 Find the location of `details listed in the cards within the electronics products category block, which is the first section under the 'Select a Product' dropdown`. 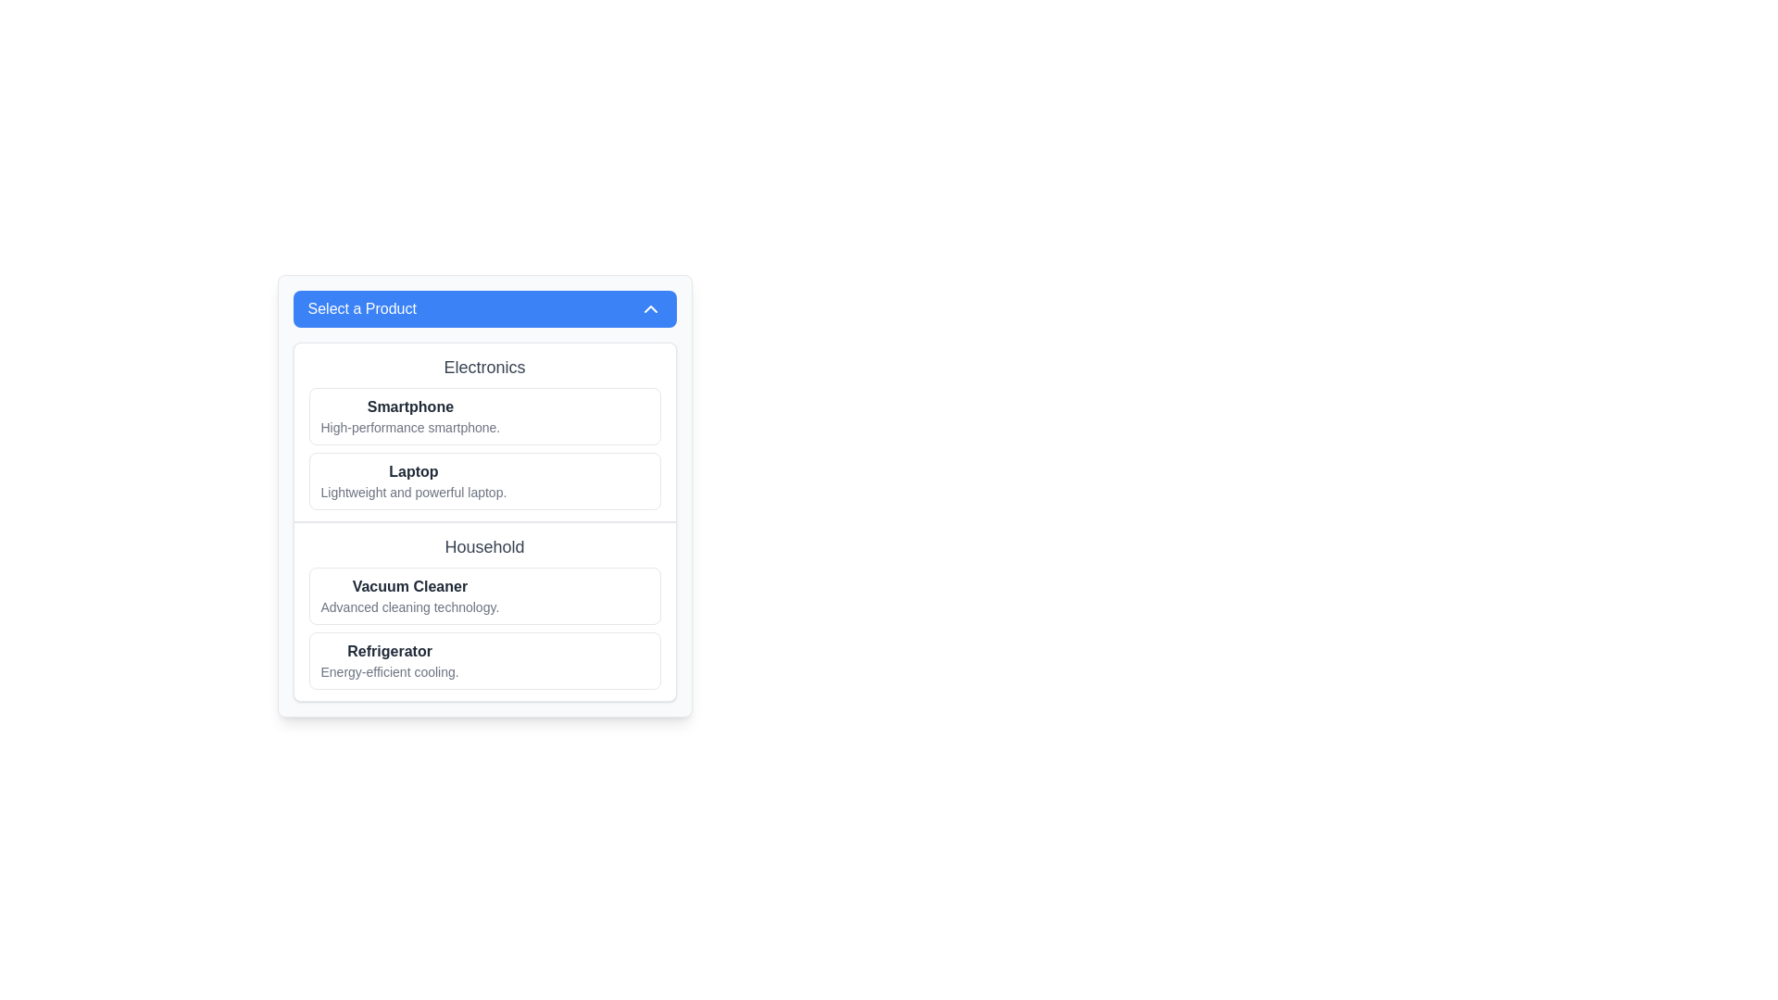

details listed in the cards within the electronics products category block, which is the first section under the 'Select a Product' dropdown is located at coordinates (484, 432).